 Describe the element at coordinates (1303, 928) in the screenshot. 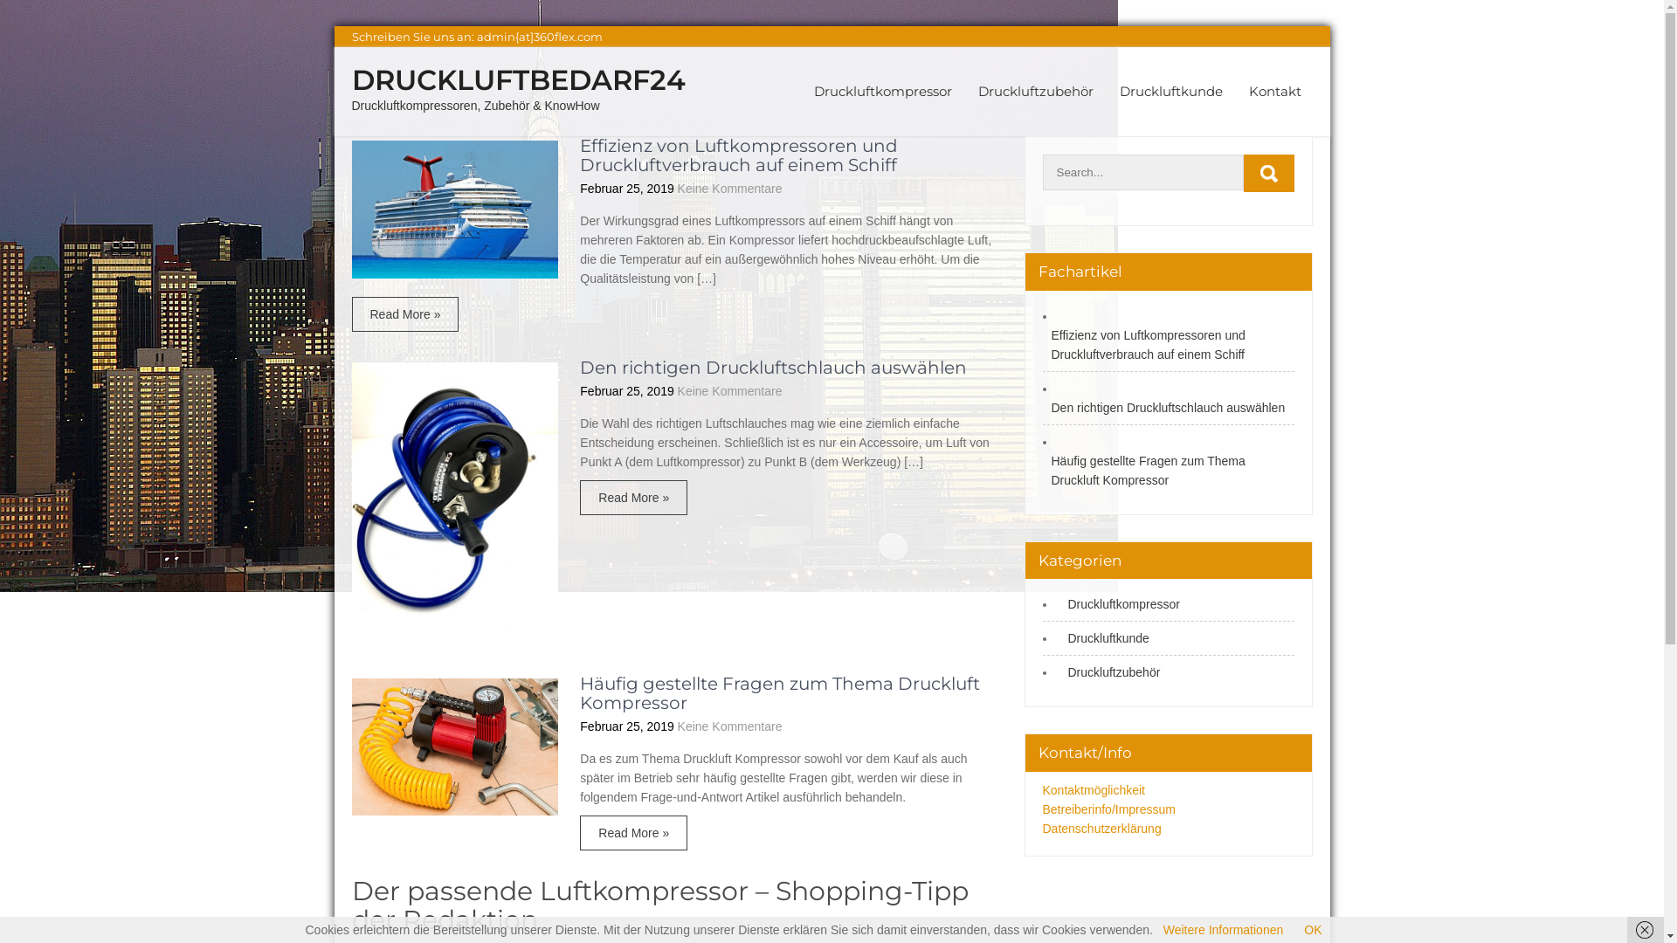

I see `'OK'` at that location.